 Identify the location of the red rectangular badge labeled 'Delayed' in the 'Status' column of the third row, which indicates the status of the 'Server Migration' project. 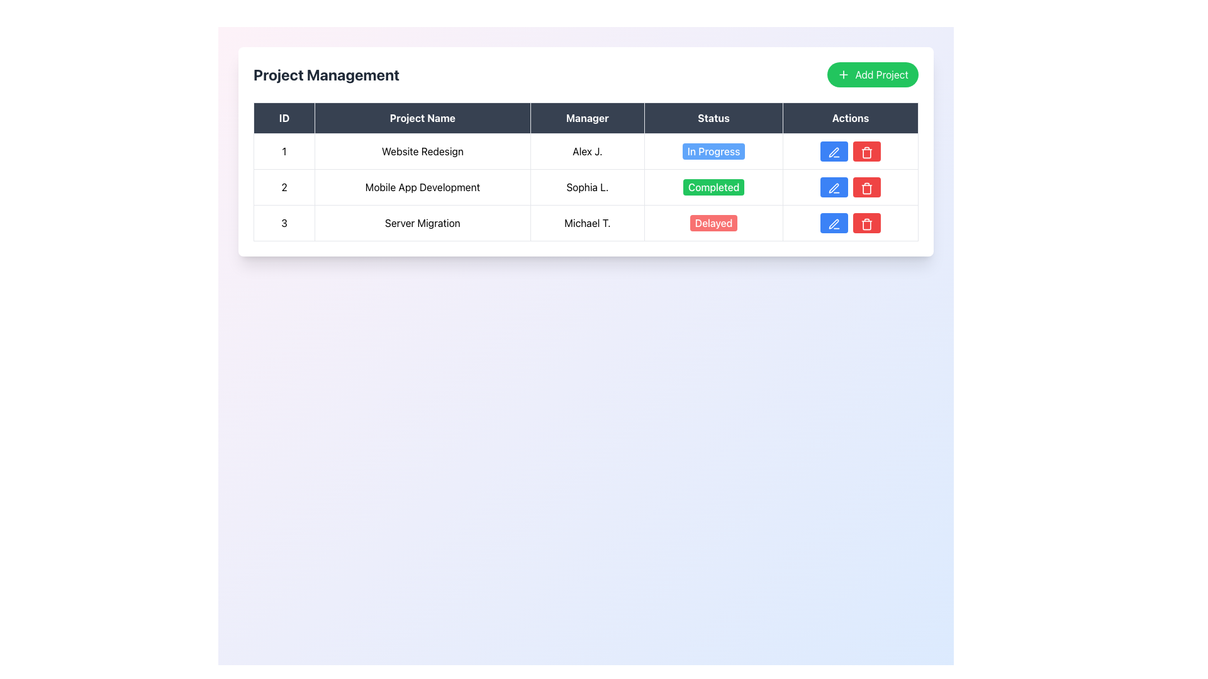
(713, 222).